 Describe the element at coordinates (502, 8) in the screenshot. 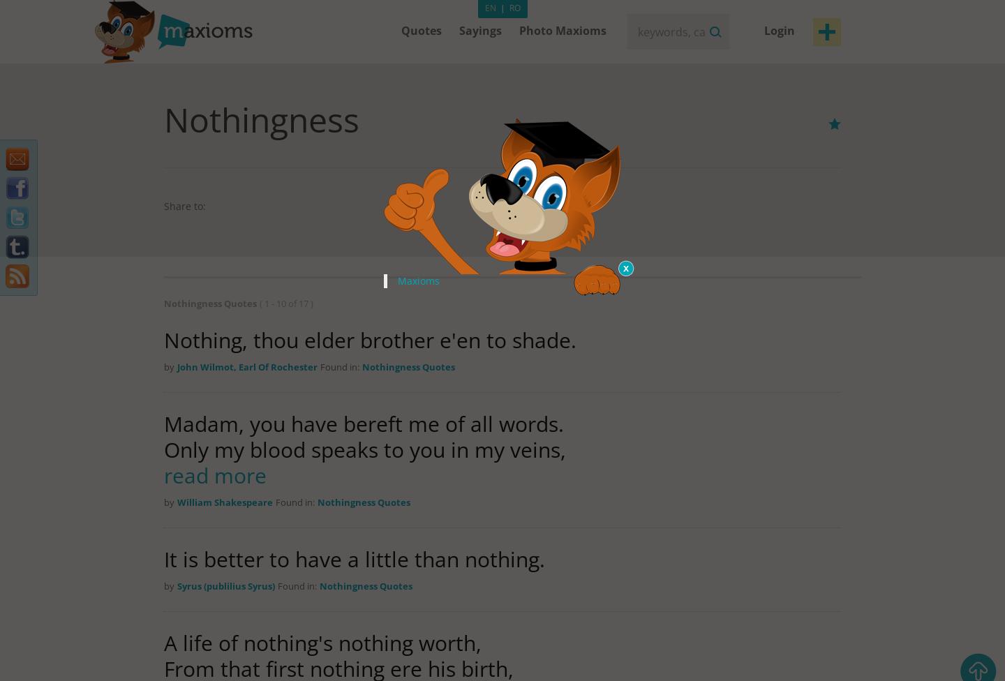

I see `'|'` at that location.